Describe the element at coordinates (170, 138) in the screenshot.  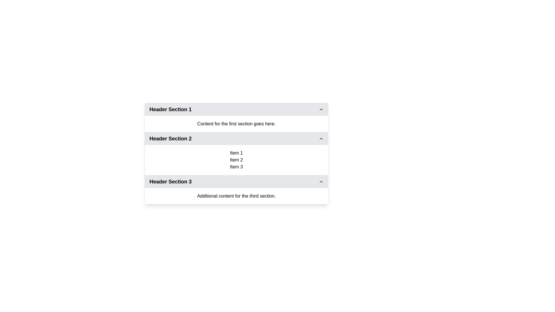
I see `the text element that reads 'Header Section 2', which is bold and large, located at the top of its section with a light gray background` at that location.